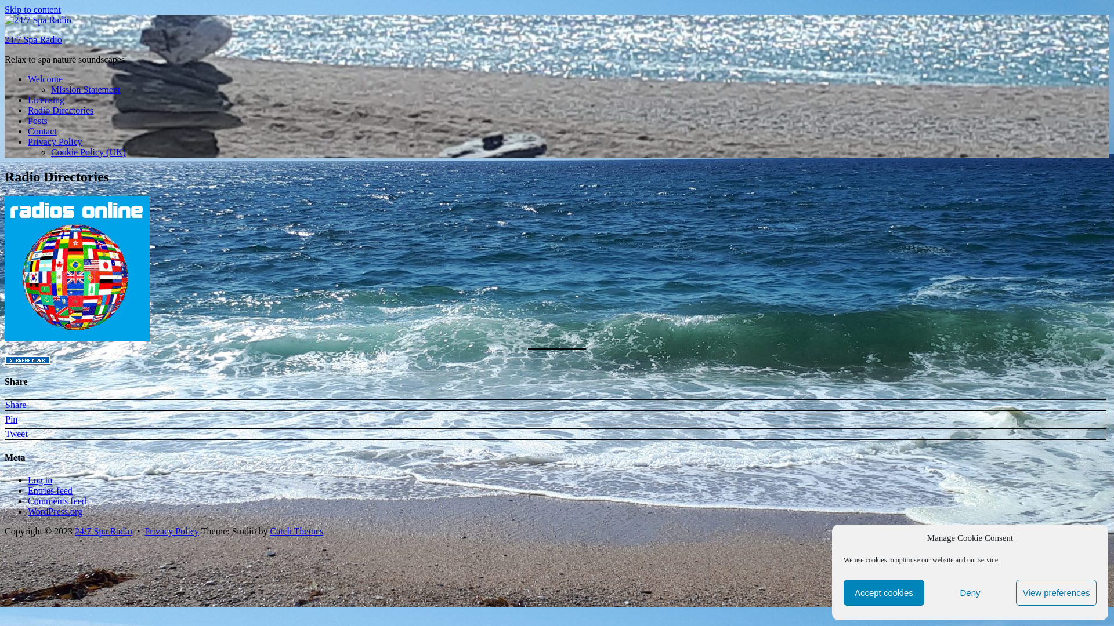 The height and width of the screenshot is (626, 1114). Describe the element at coordinates (296, 531) in the screenshot. I see `'Catch Themes'` at that location.